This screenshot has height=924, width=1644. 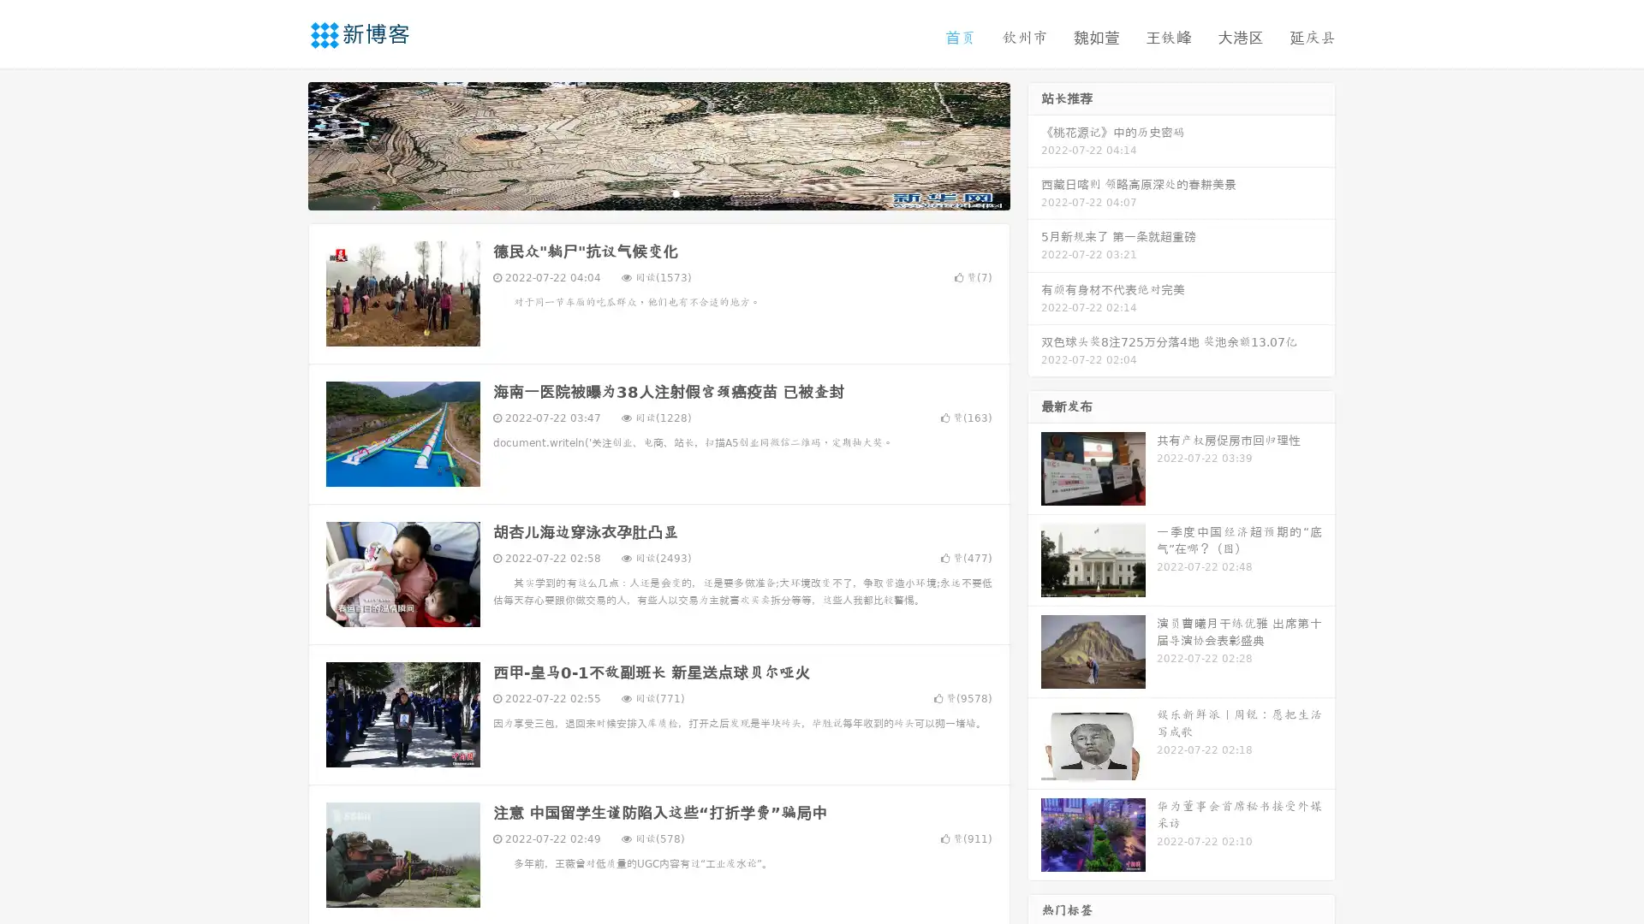 I want to click on Go to slide 1, so click(x=640, y=192).